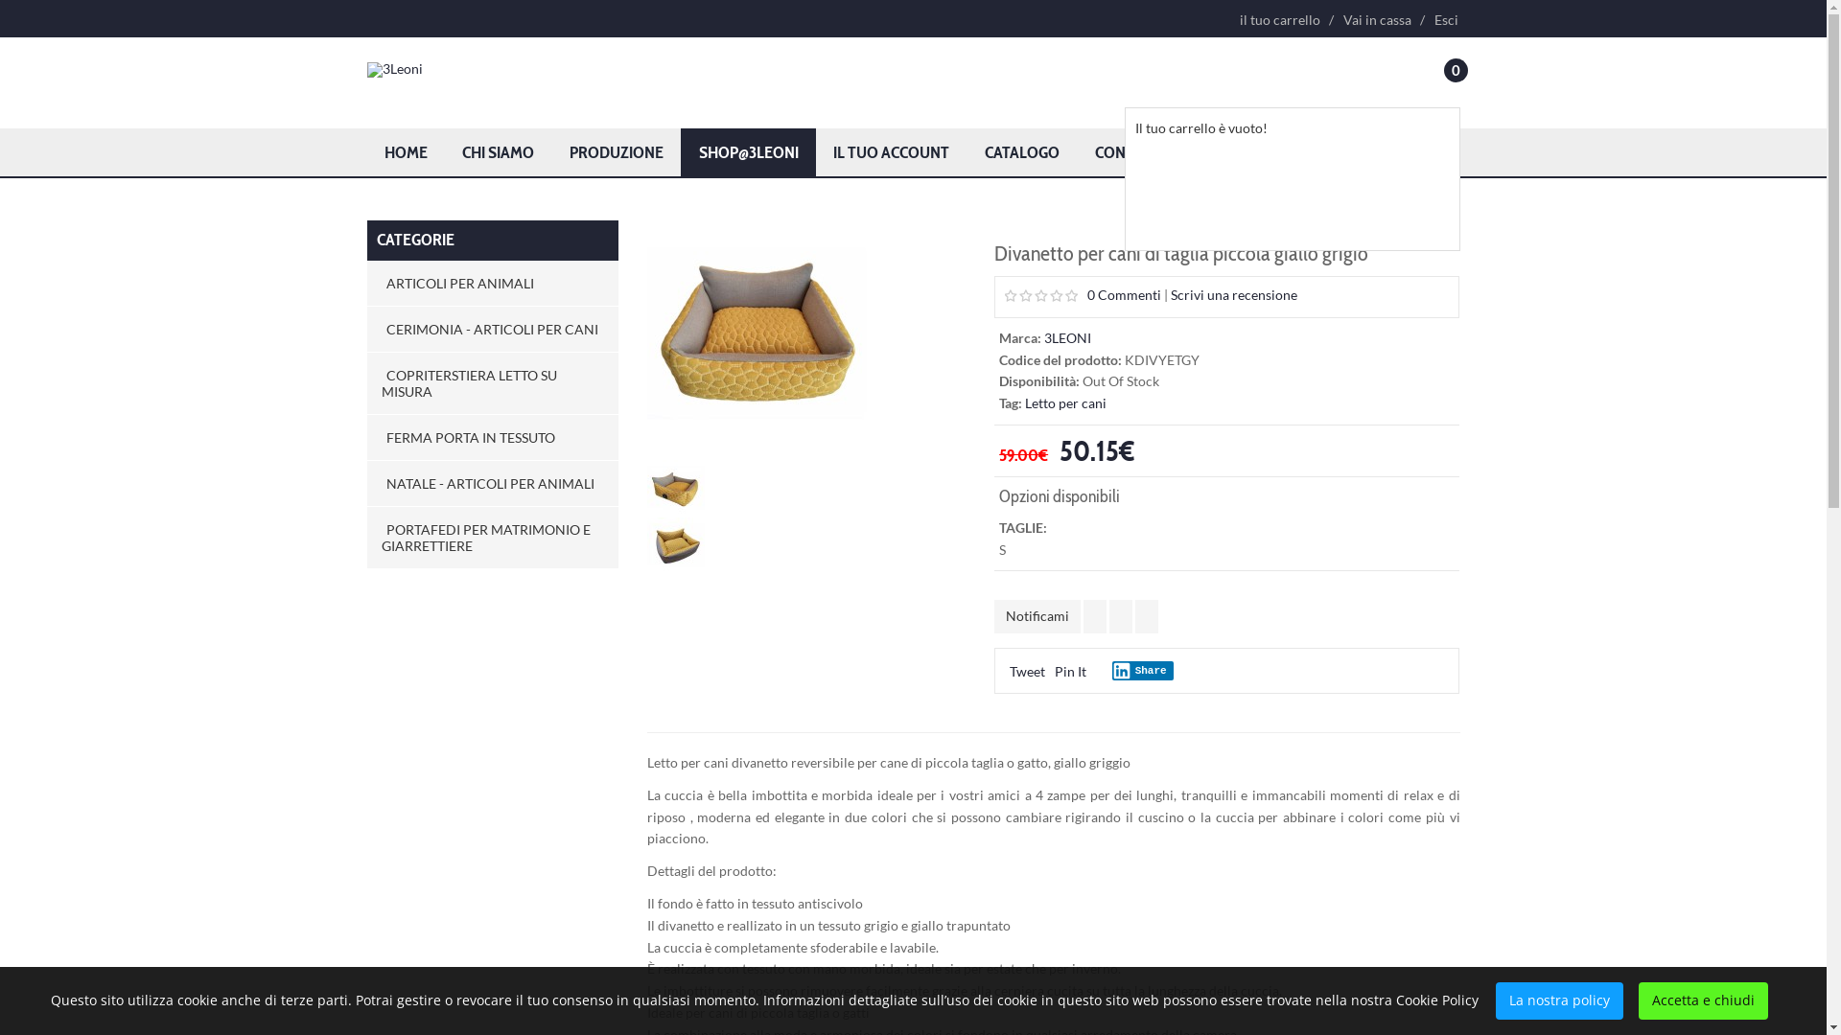 This screenshot has width=1841, height=1035. What do you see at coordinates (1066, 336) in the screenshot?
I see `'3LEONI'` at bounding box center [1066, 336].